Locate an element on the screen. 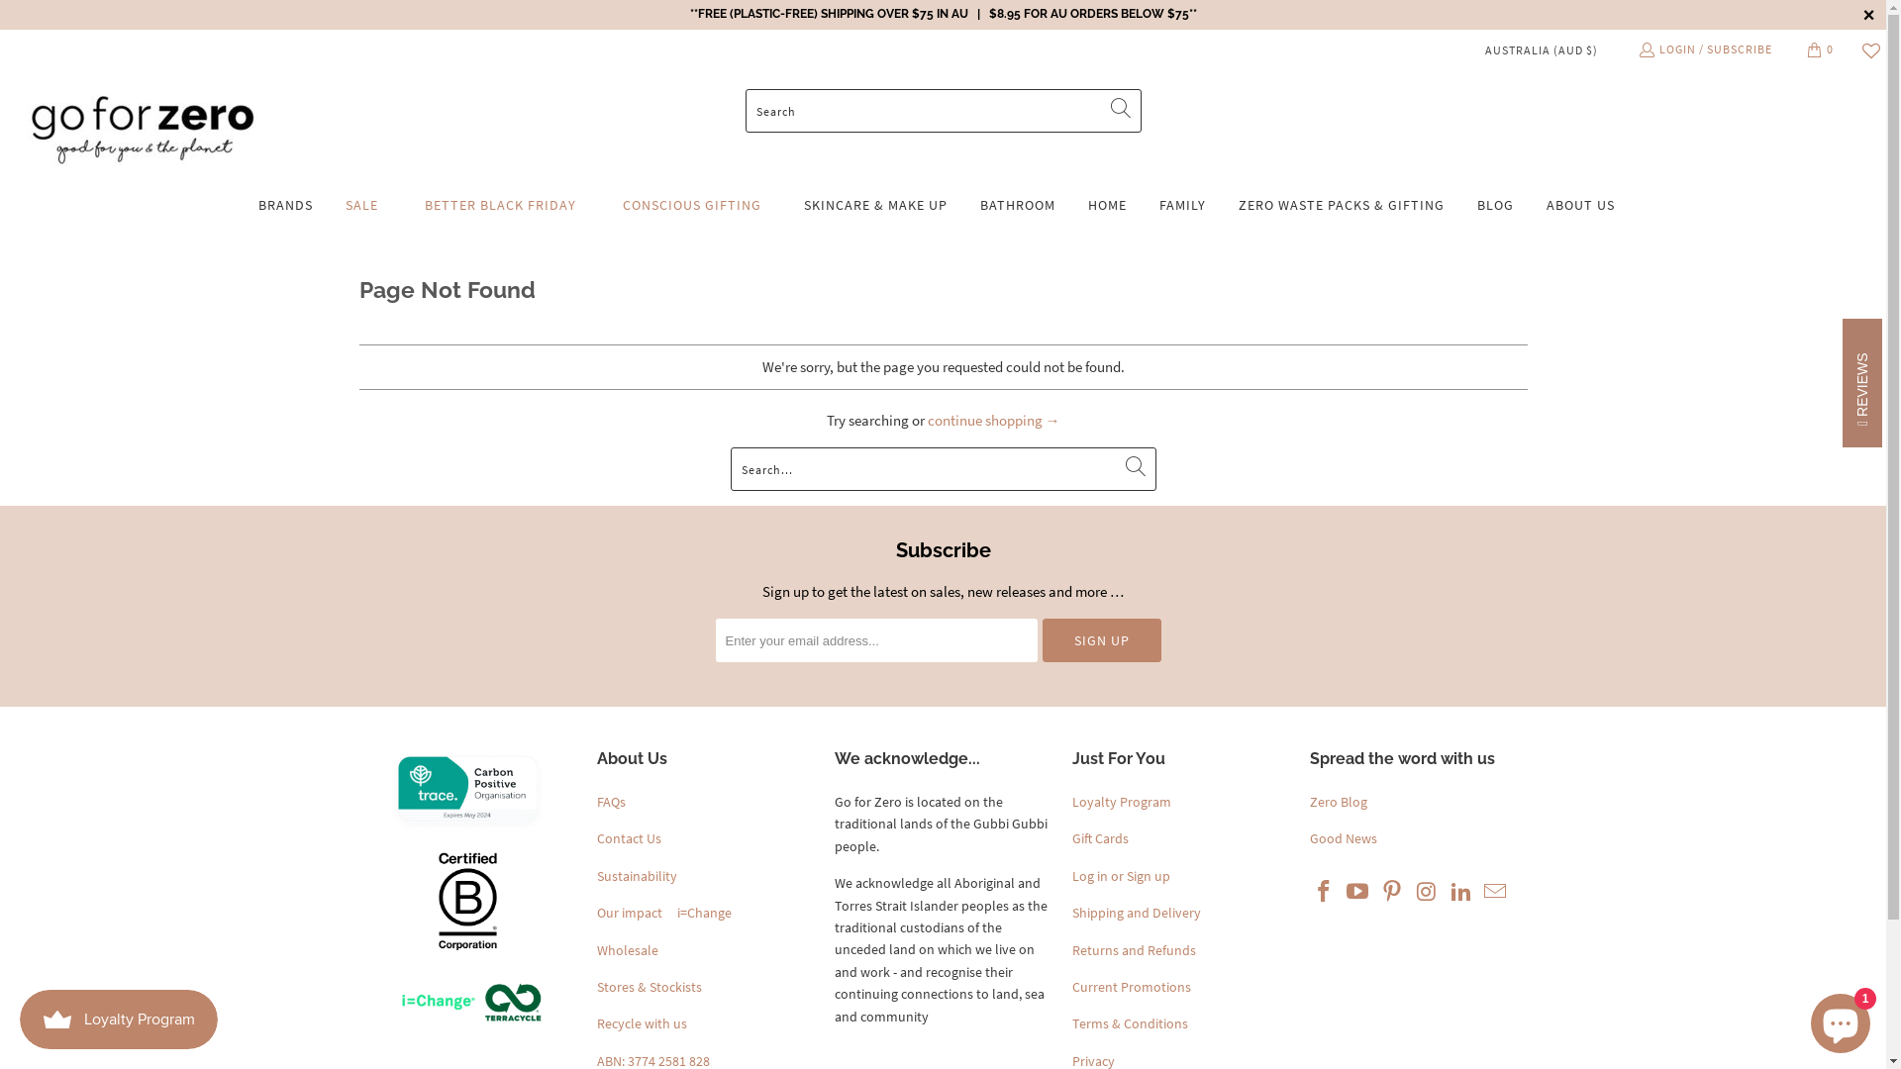 The image size is (1901, 1069). 'Good News' is located at coordinates (1343, 838).